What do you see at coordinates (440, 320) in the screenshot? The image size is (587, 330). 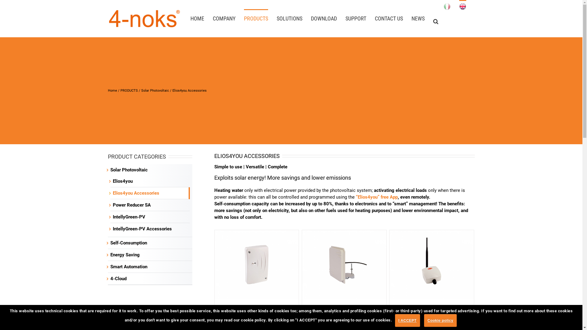 I see `'Cookie policy'` at bounding box center [440, 320].